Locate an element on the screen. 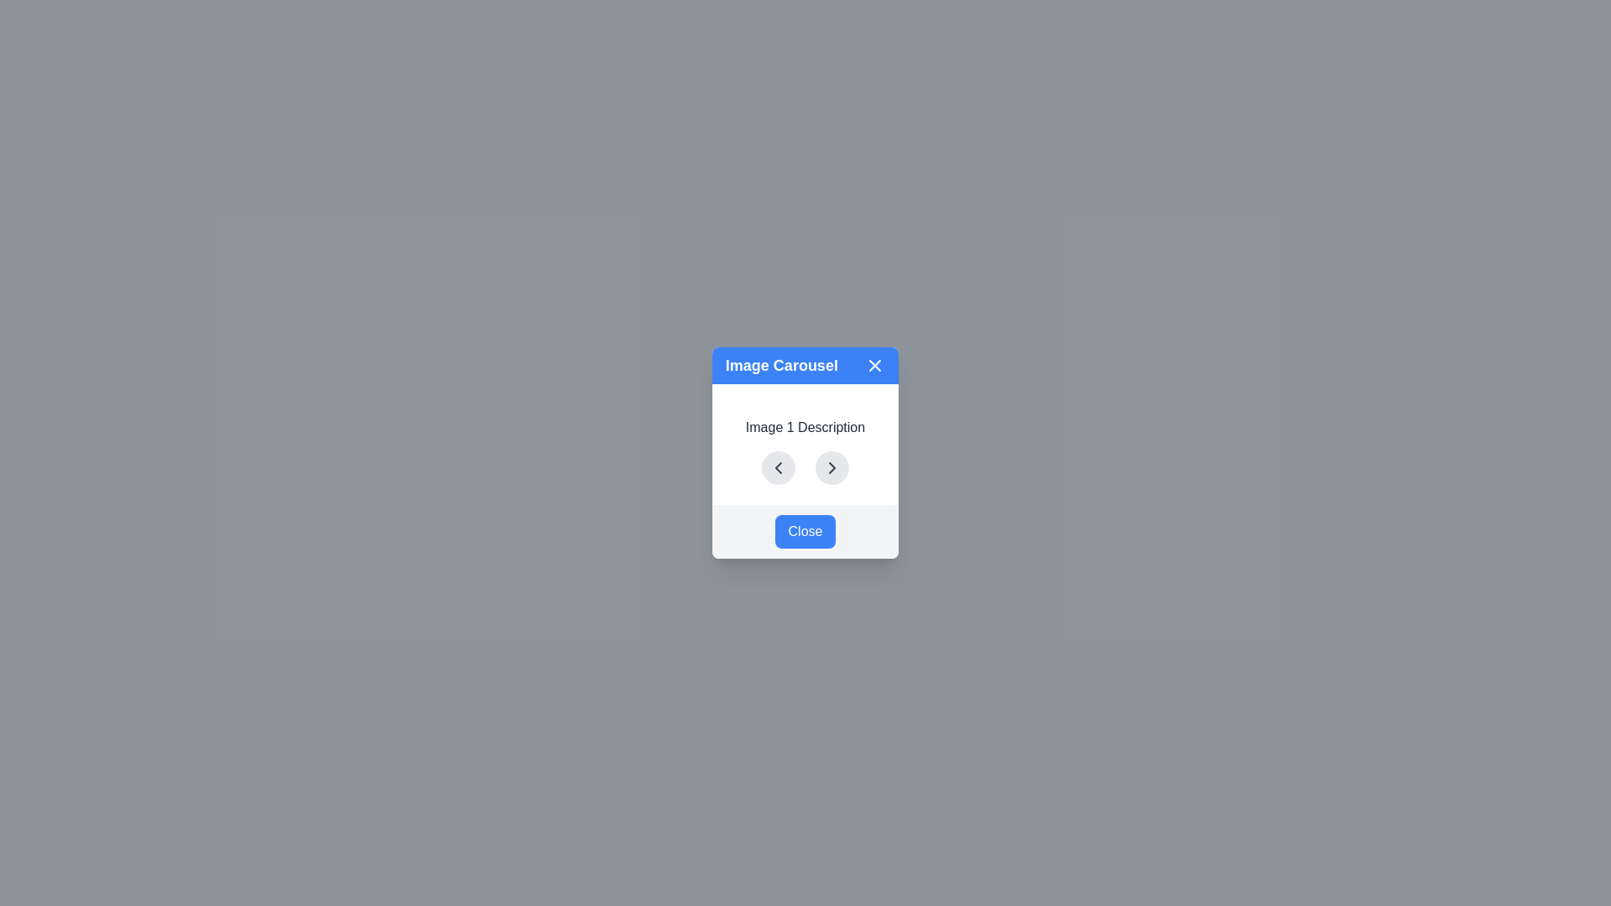 Image resolution: width=1611 pixels, height=906 pixels. the close button icon in the 'Image Carousel' modal dialog is located at coordinates (874, 364).